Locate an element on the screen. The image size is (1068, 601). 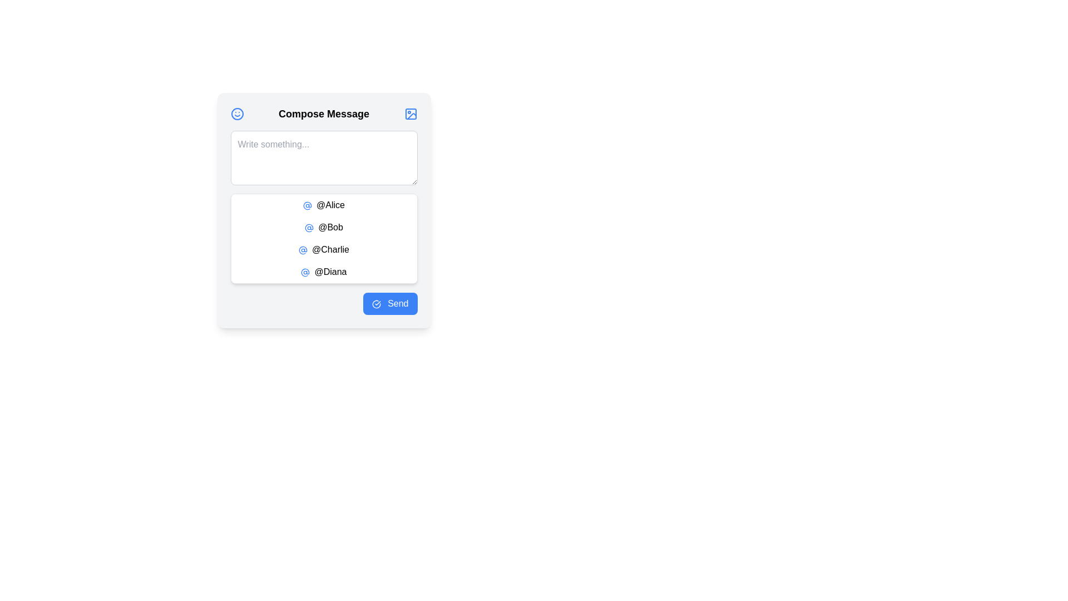
the blue smiley face icon located to the left of the 'Compose Message' title, which is the leftmost element in the header of the 'Compose Message' section is located at coordinates (236, 114).